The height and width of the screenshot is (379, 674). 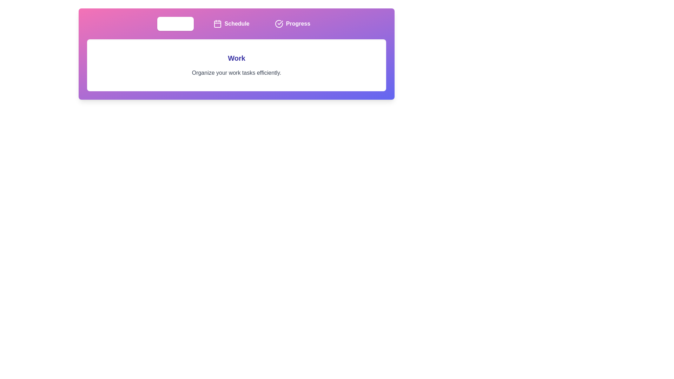 What do you see at coordinates (231, 24) in the screenshot?
I see `the tab button labeled Schedule` at bounding box center [231, 24].